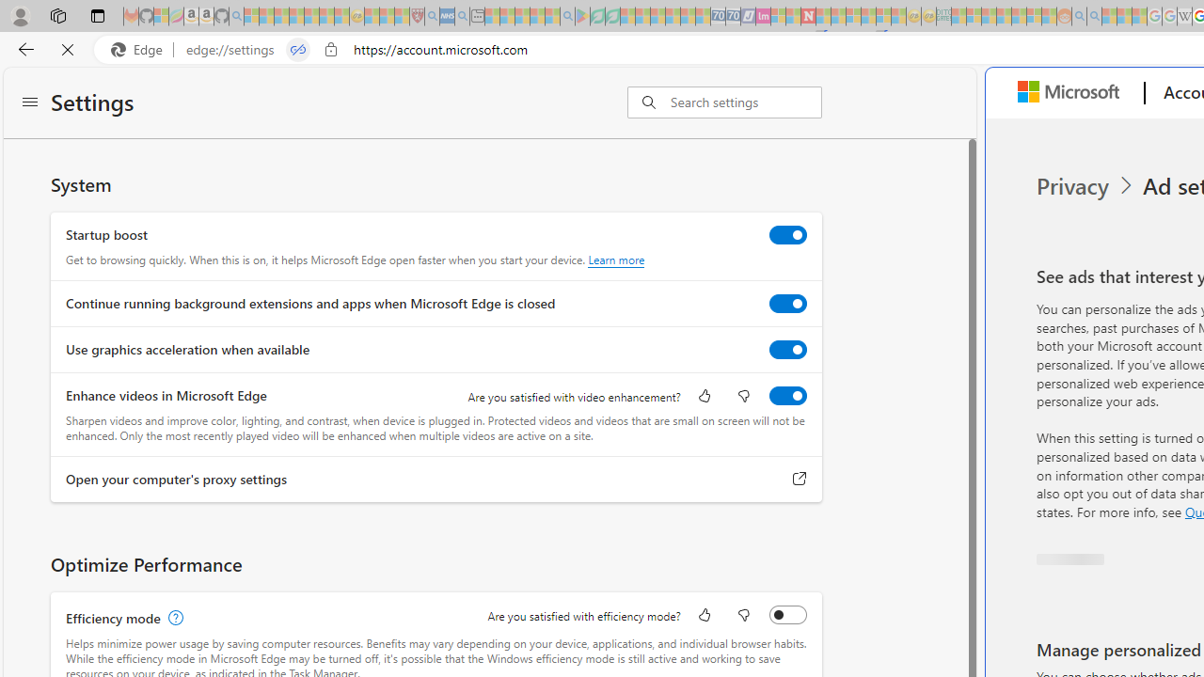 This screenshot has height=677, width=1204. What do you see at coordinates (616, 260) in the screenshot?
I see `'Learn more'` at bounding box center [616, 260].